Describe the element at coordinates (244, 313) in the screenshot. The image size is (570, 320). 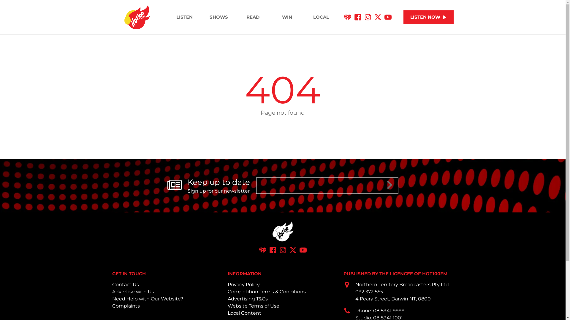
I see `'Local Content'` at that location.